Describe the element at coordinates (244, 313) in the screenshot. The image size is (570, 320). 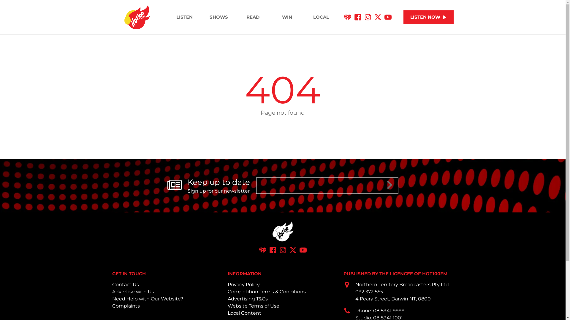
I see `'Local Content'` at that location.